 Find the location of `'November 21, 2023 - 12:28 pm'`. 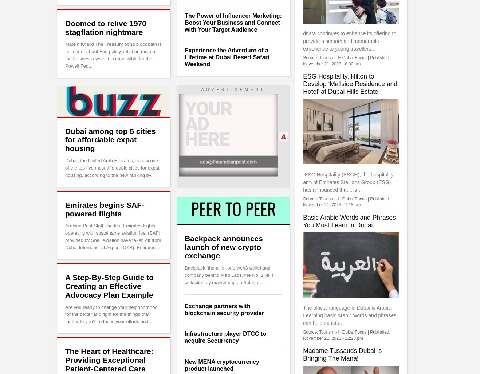

'November 21, 2023 - 12:28 pm' is located at coordinates (333, 338).